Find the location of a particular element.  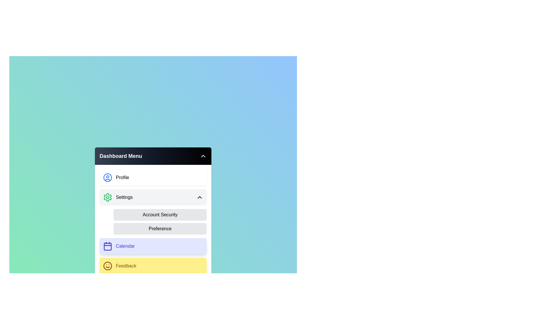

the last button in the 'Dashboard Menu' located directly below the 'Calendar' button is located at coordinates (153, 266).